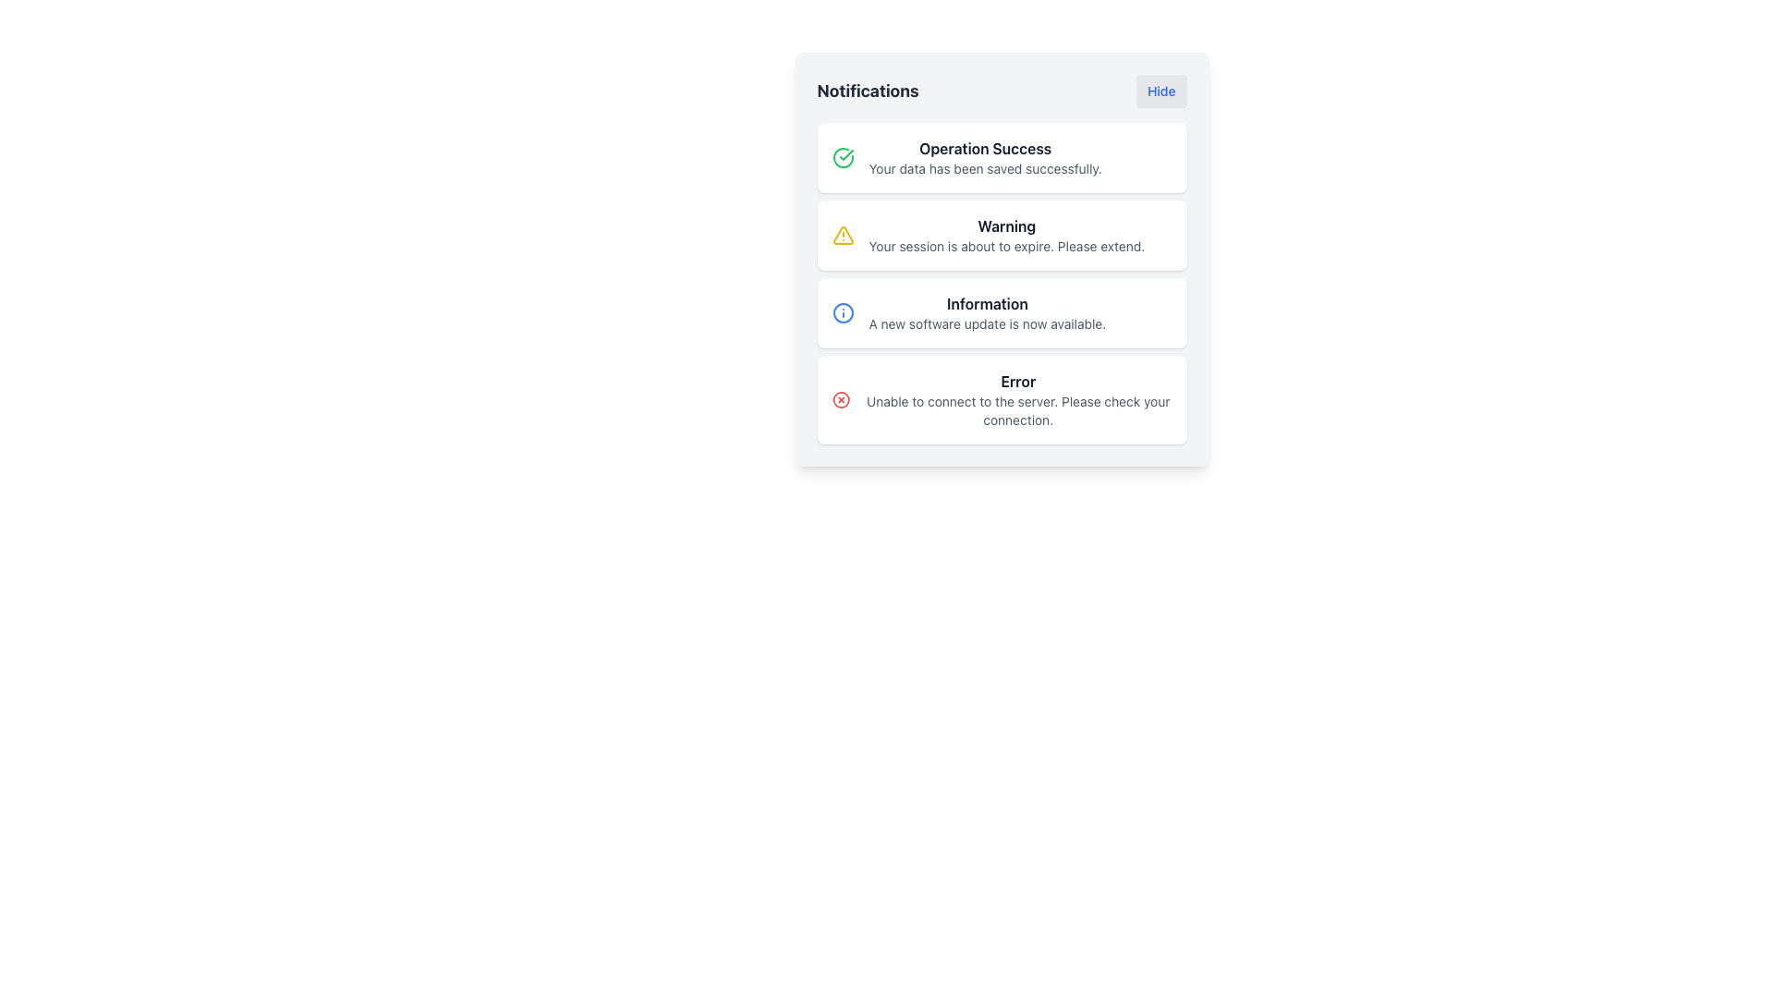  Describe the element at coordinates (842, 156) in the screenshot. I see `the success status icon located to the left of the text 'Operation Success Your data has been saved successfully.' in the first entry of the notification list` at that location.